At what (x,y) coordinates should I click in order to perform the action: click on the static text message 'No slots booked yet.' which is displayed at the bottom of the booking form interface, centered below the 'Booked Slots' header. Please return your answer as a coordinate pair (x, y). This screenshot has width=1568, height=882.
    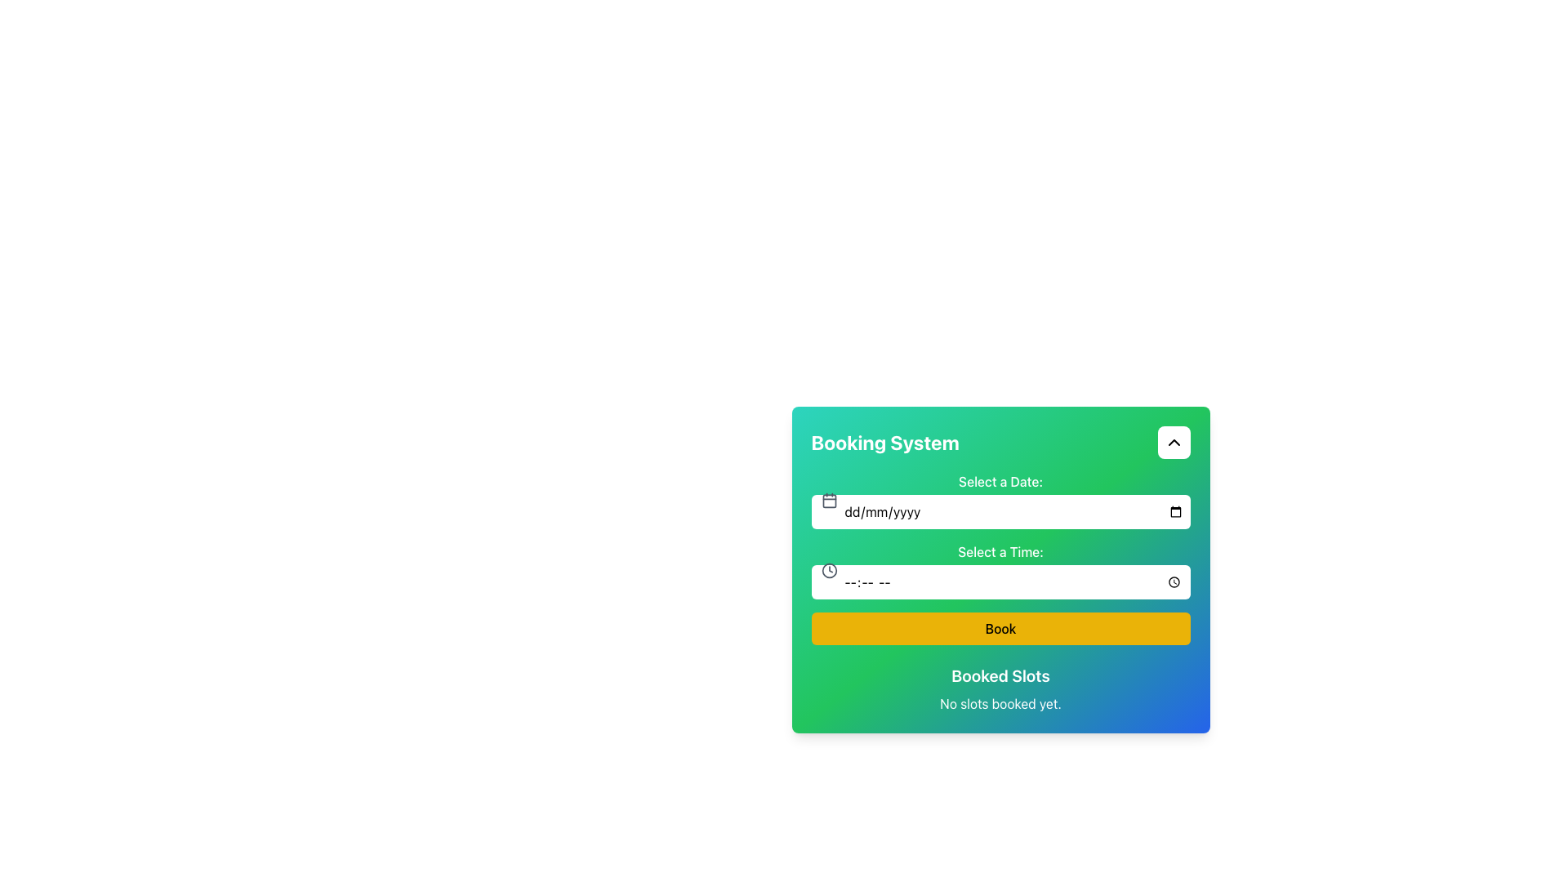
    Looking at the image, I should click on (1000, 702).